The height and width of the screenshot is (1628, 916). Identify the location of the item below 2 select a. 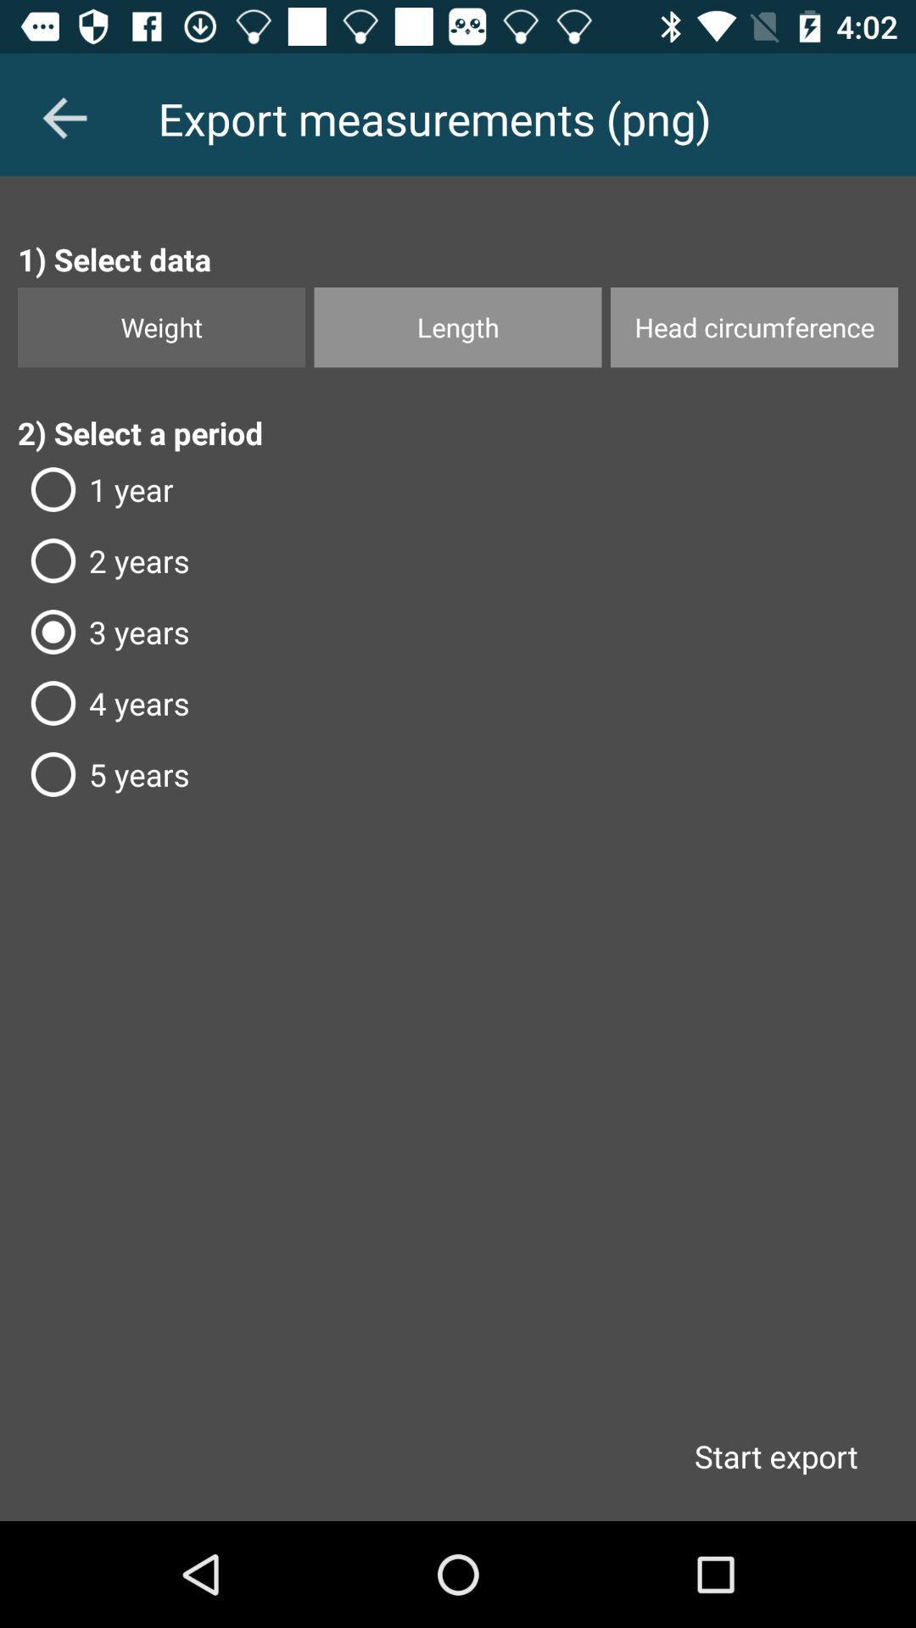
(458, 488).